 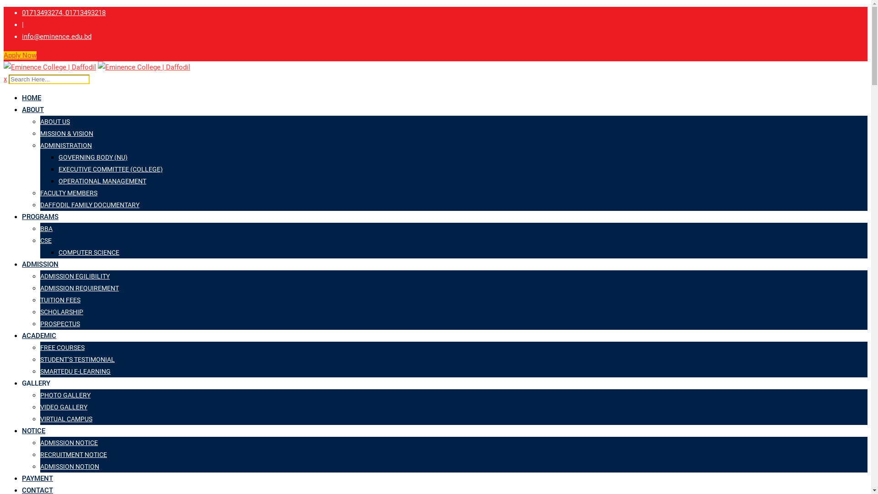 What do you see at coordinates (66, 134) in the screenshot?
I see `'MISSION & VISION'` at bounding box center [66, 134].